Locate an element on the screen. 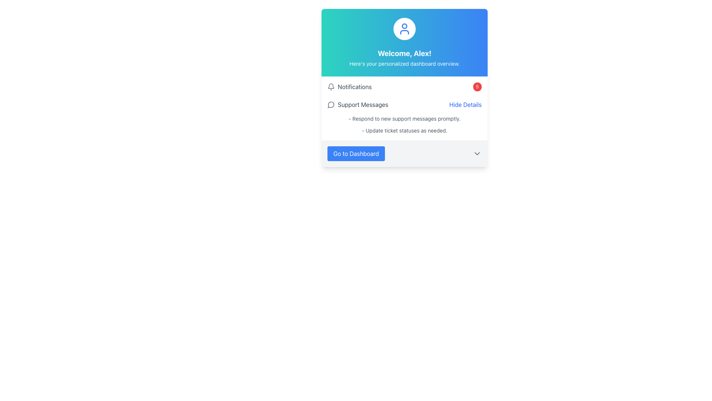 This screenshot has height=401, width=712. the Informational Header located at the top of the dashboard, which welcomes the user and personalizes the interface is located at coordinates (404, 43).